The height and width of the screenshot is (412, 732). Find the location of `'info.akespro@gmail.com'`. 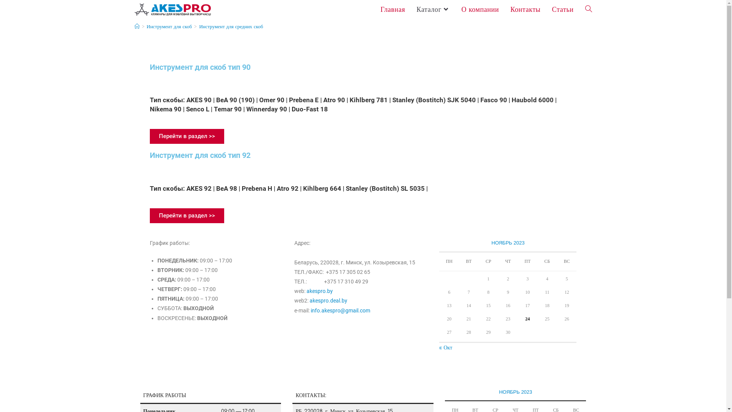

'info.akespro@gmail.com' is located at coordinates (340, 310).